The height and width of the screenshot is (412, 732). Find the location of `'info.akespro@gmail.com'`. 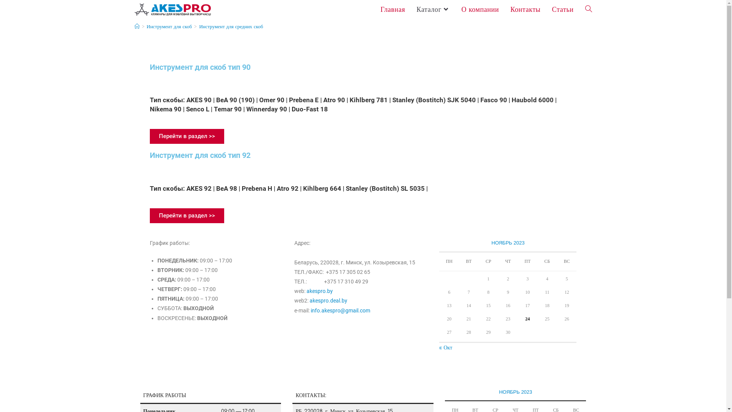

'info.akespro@gmail.com' is located at coordinates (340, 310).